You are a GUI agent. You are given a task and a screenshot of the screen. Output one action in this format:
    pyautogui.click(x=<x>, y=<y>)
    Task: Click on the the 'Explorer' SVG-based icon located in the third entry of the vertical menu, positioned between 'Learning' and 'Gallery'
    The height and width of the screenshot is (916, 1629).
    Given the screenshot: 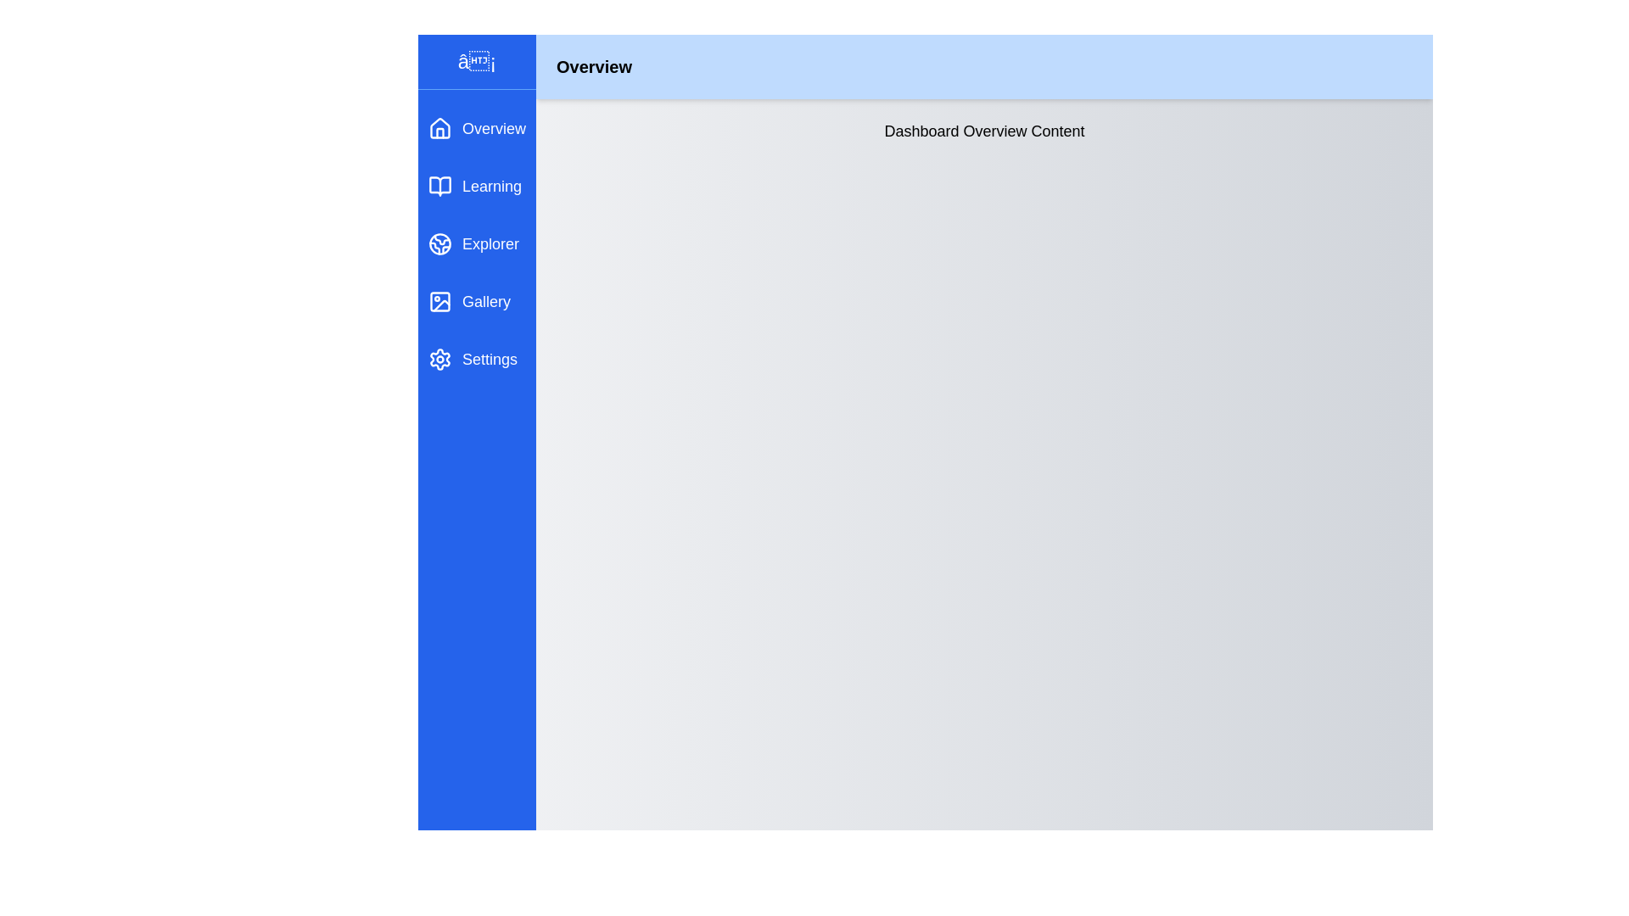 What is the action you would take?
    pyautogui.click(x=439, y=244)
    